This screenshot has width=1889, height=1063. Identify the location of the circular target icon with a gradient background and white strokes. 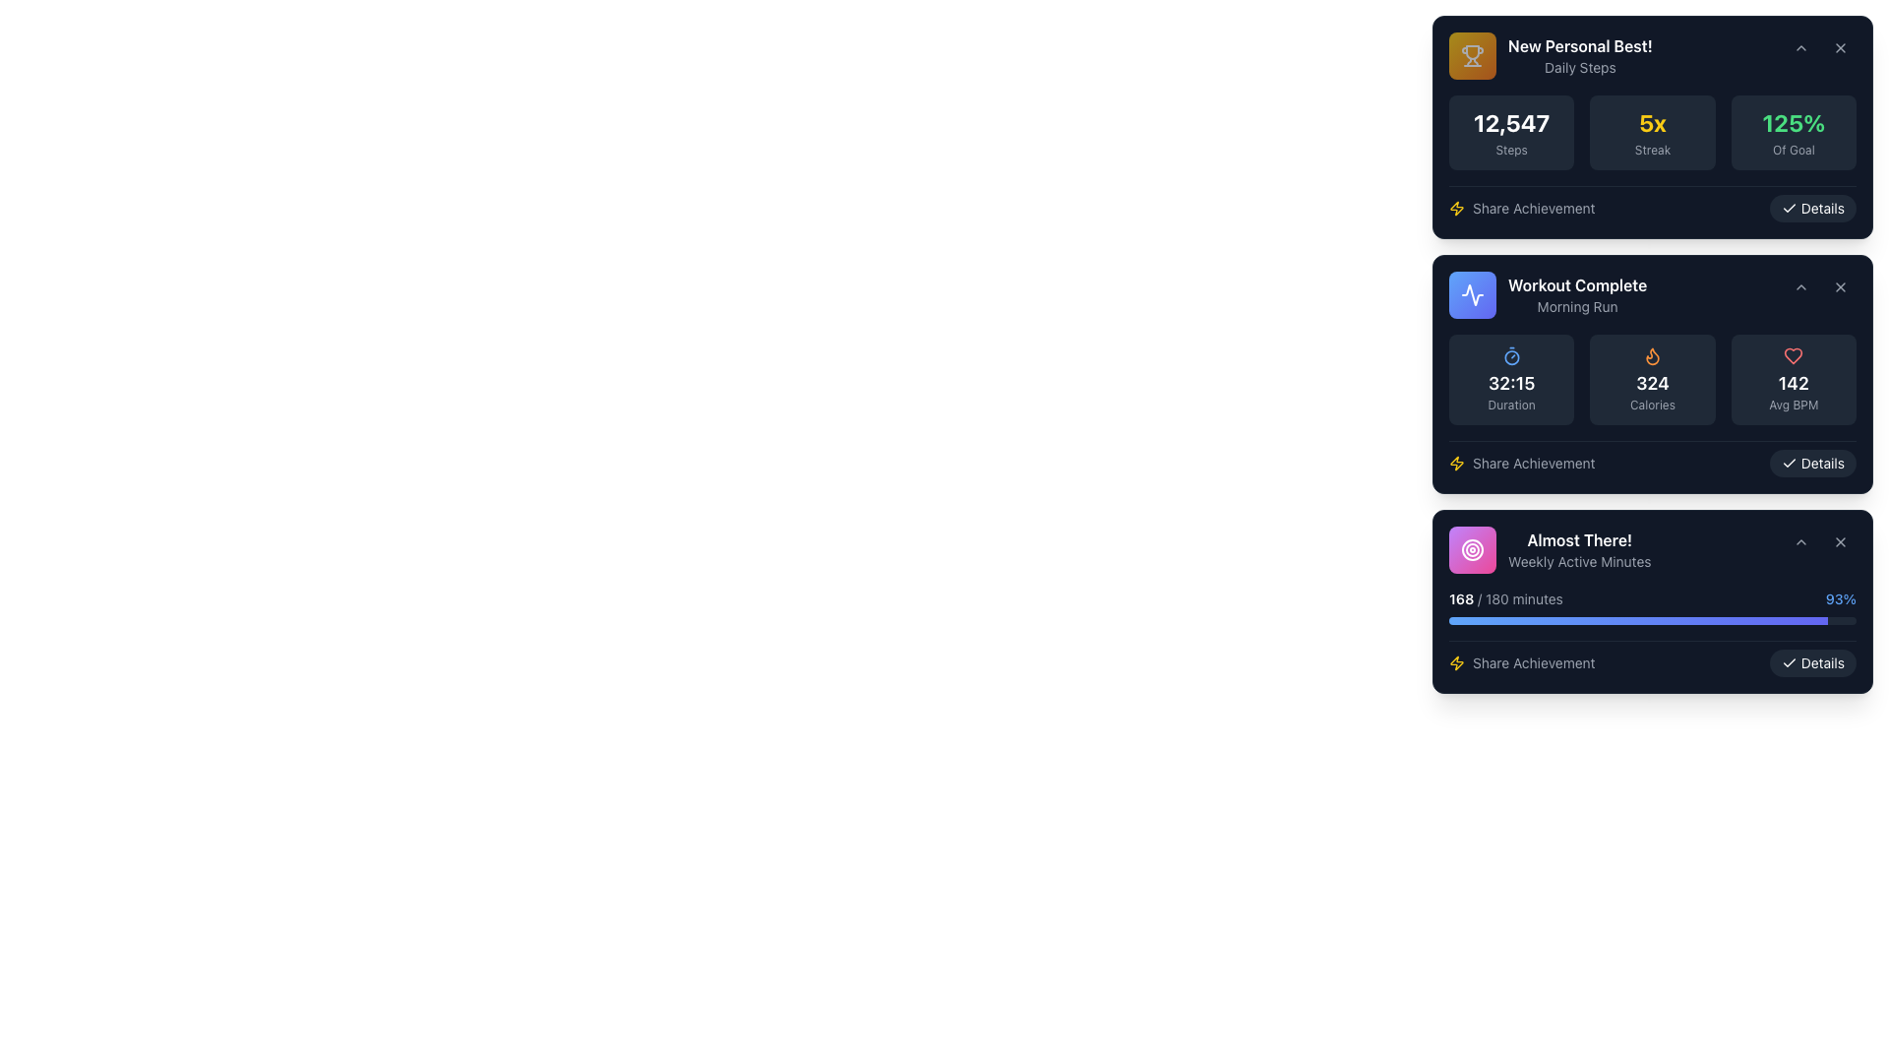
(1473, 550).